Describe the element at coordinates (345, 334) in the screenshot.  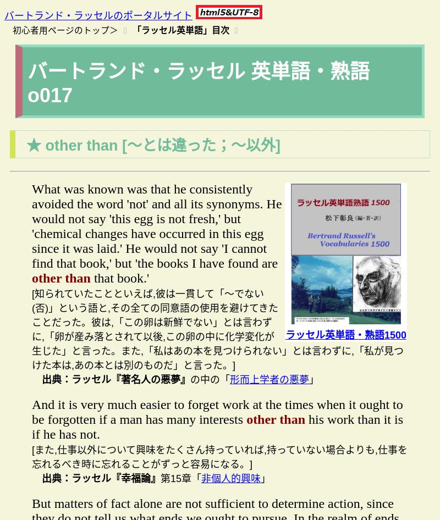
I see `'ラッセル英単語・熟語1500'` at that location.